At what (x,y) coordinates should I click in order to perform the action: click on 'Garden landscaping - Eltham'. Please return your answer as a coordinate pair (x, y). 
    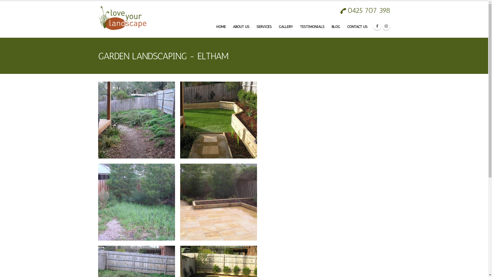
    Looking at the image, I should click on (136, 201).